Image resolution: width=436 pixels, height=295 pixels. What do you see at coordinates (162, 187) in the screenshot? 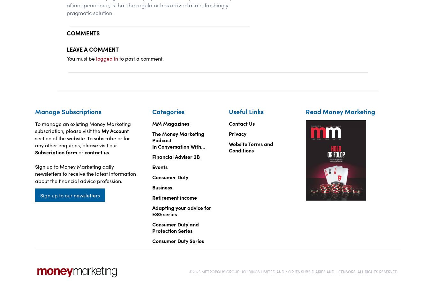
I see `'Business'` at bounding box center [162, 187].